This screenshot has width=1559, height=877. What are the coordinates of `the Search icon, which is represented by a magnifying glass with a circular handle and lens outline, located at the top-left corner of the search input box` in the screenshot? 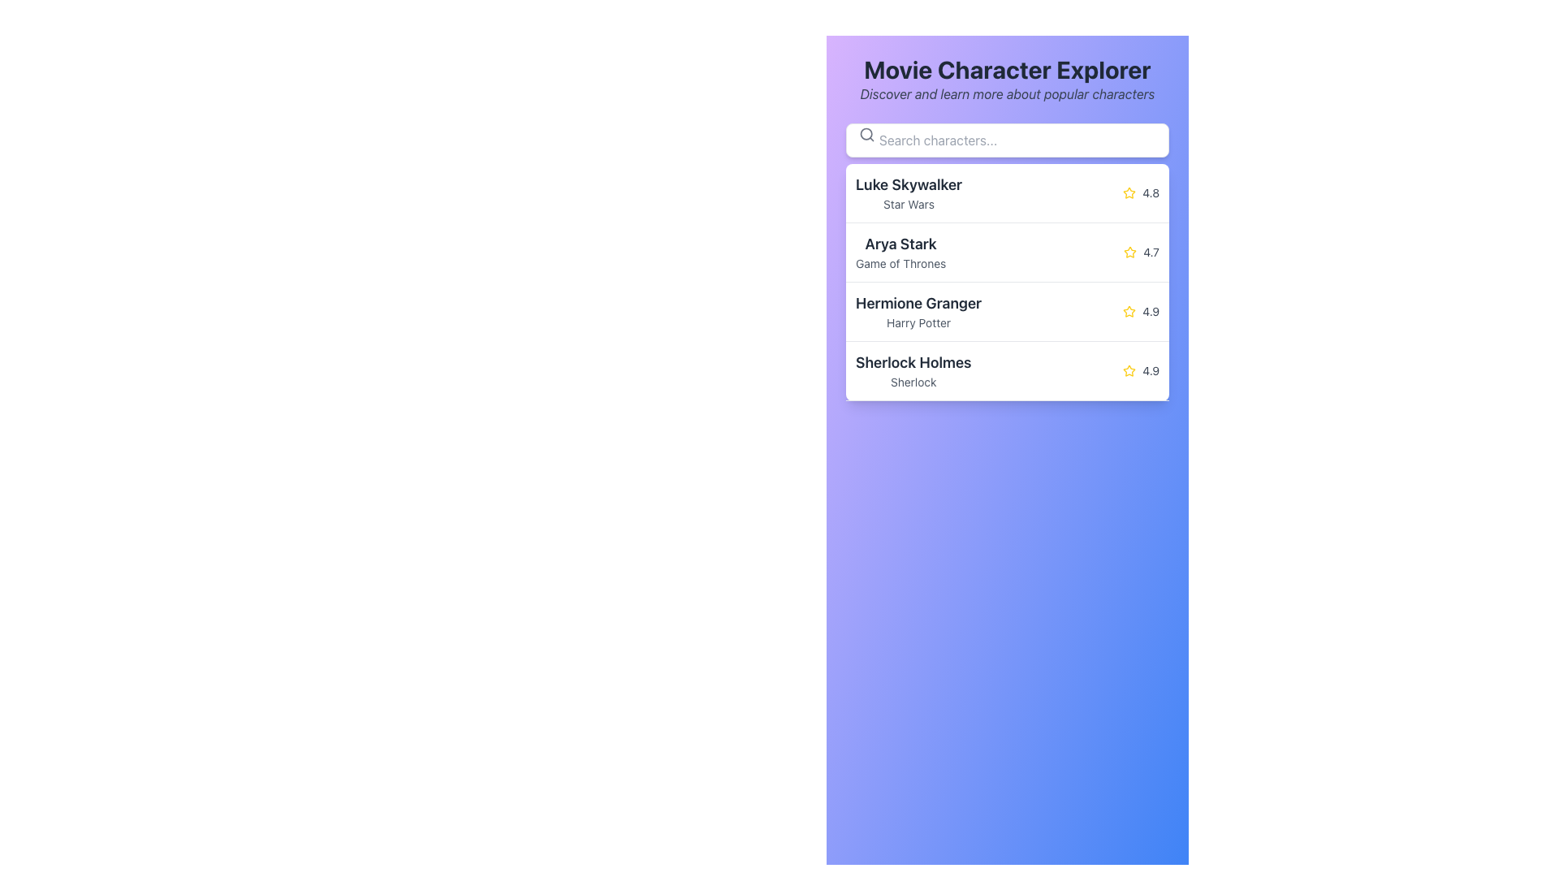 It's located at (866, 133).